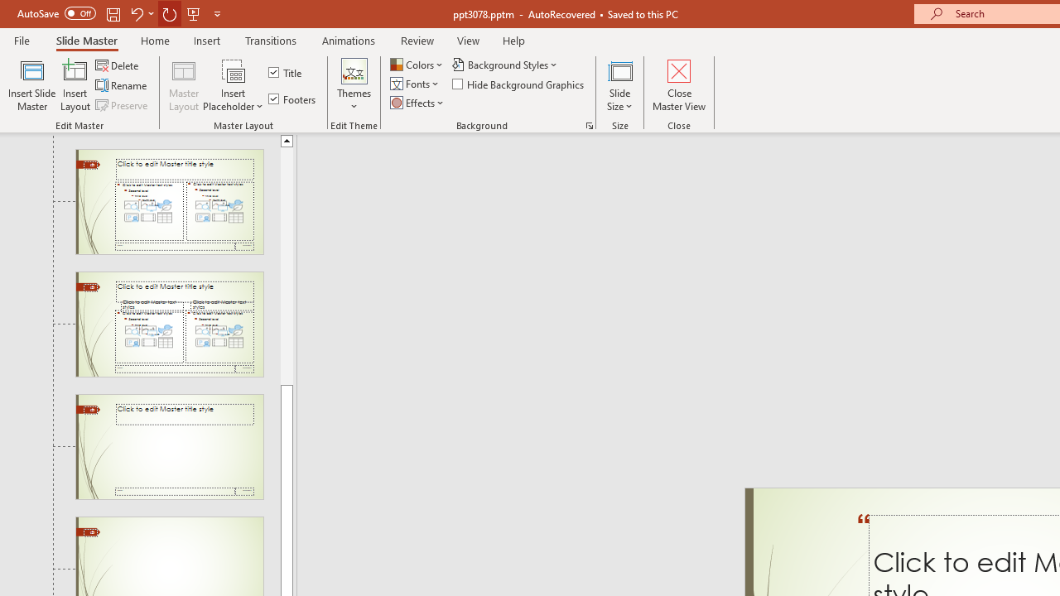 The width and height of the screenshot is (1060, 596). What do you see at coordinates (418, 103) in the screenshot?
I see `'Effects'` at bounding box center [418, 103].